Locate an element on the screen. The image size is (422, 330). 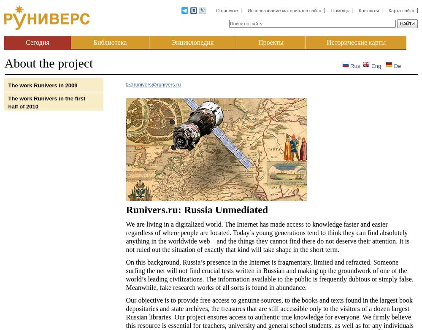
'About the project' is located at coordinates (4, 63).